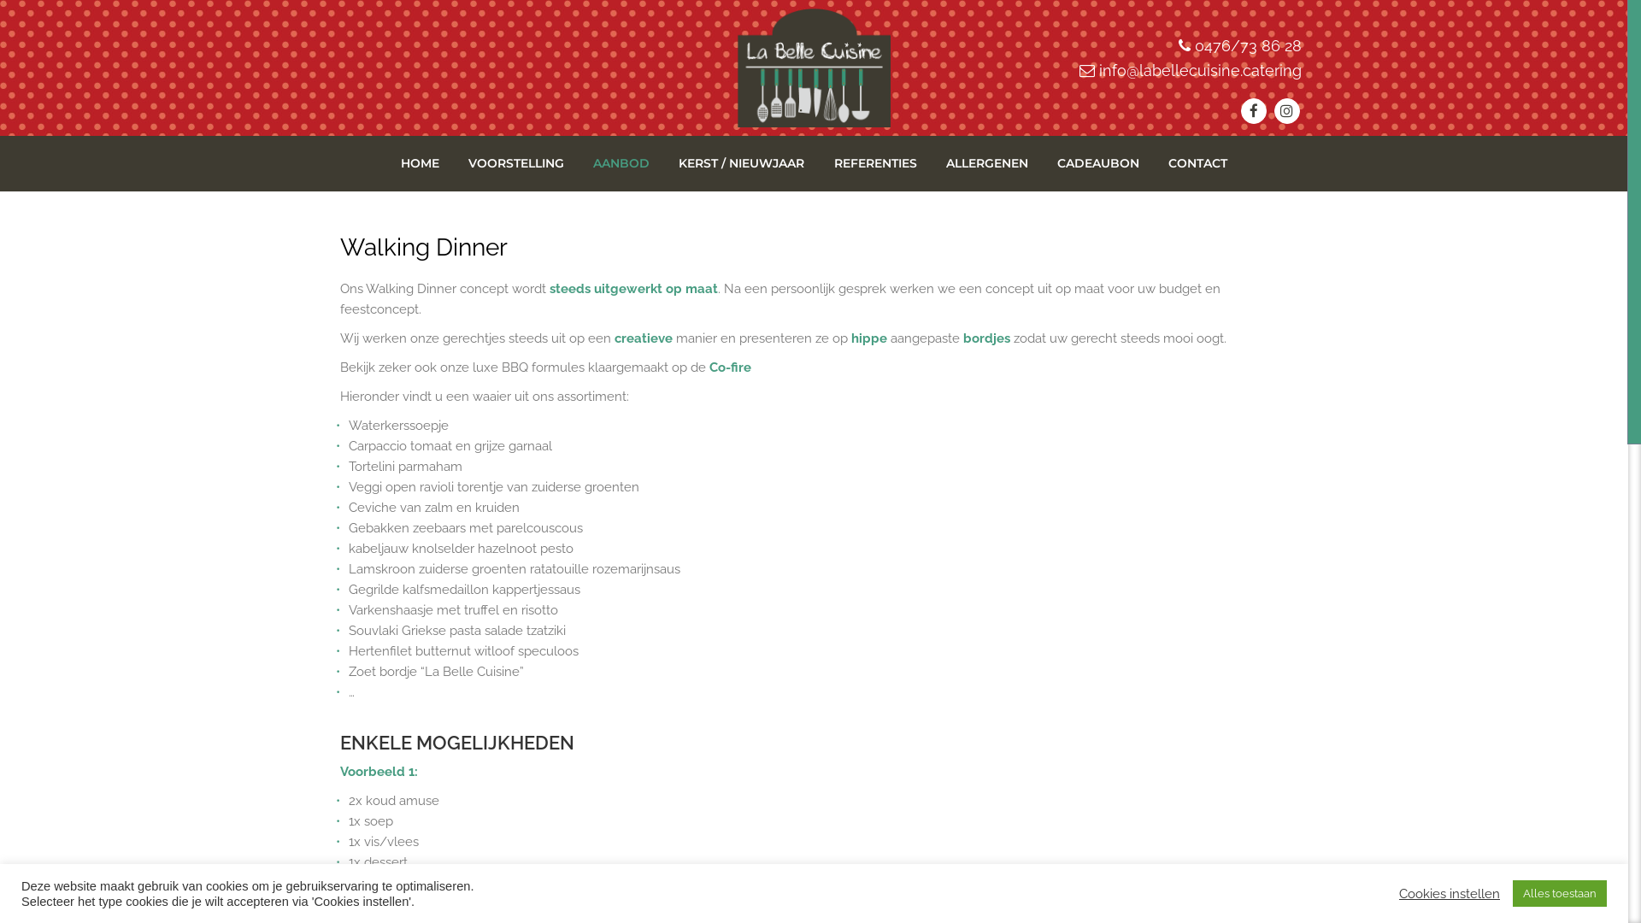 This screenshot has width=1641, height=923. What do you see at coordinates (620, 163) in the screenshot?
I see `'AANBOD'` at bounding box center [620, 163].